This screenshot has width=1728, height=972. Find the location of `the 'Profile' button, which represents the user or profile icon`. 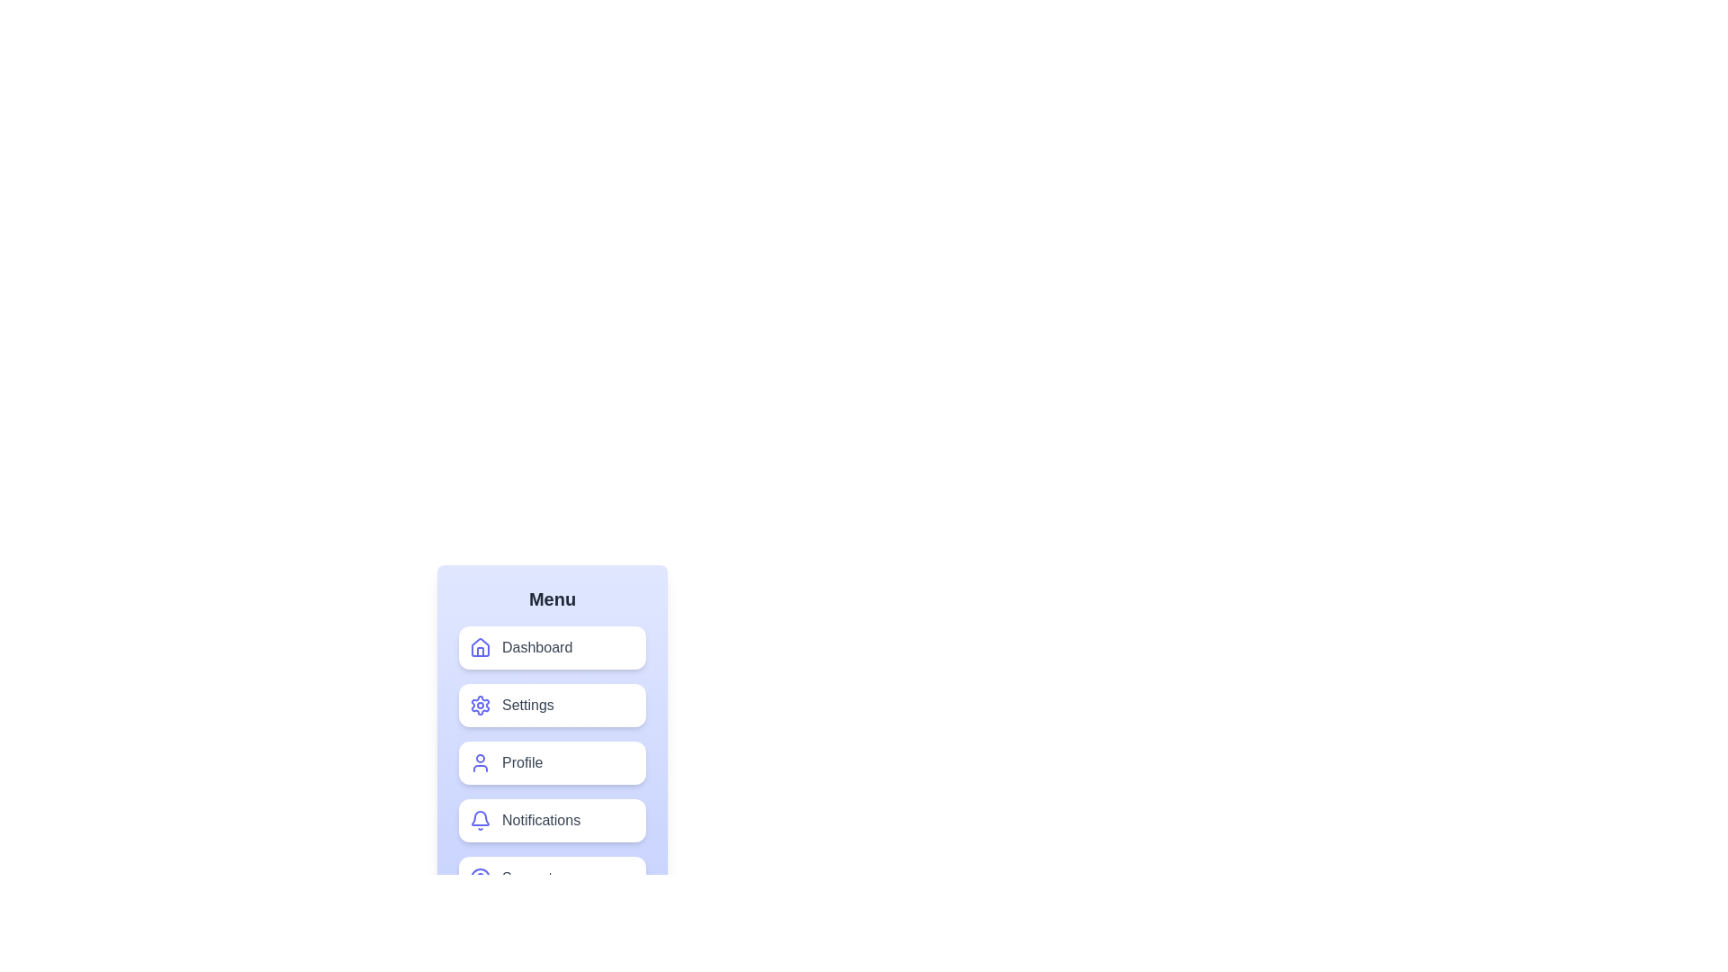

the 'Profile' button, which represents the user or profile icon is located at coordinates (480, 763).